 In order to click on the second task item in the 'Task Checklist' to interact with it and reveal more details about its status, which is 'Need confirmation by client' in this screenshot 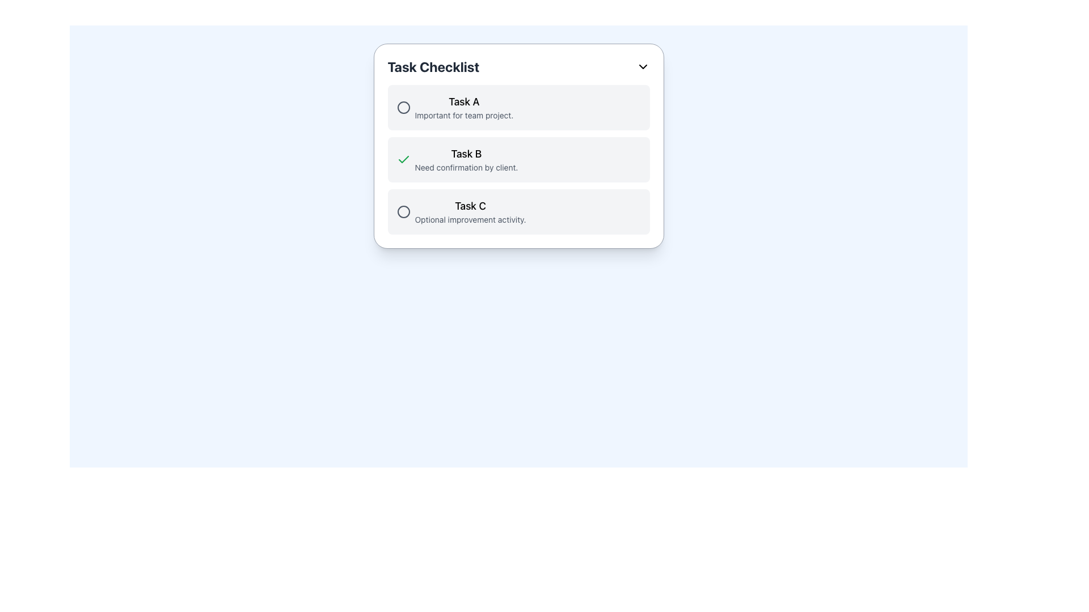, I will do `click(457, 159)`.